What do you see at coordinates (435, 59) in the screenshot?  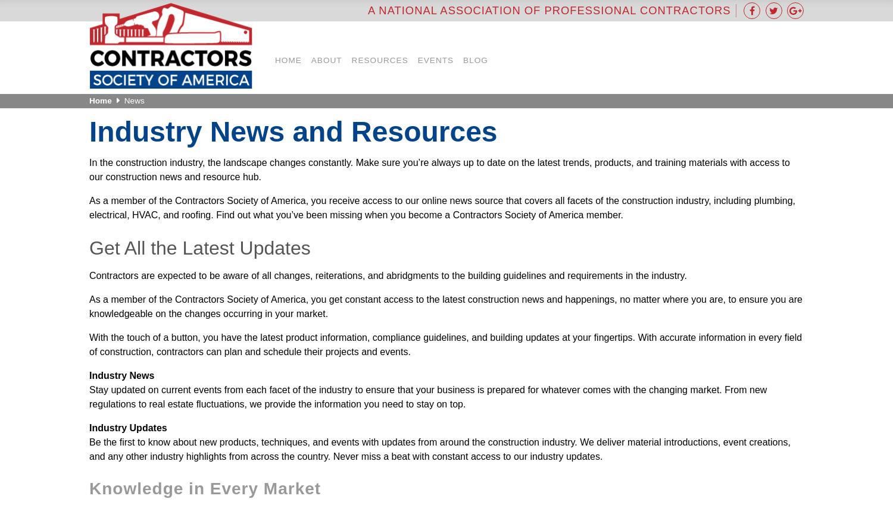 I see `'Events'` at bounding box center [435, 59].